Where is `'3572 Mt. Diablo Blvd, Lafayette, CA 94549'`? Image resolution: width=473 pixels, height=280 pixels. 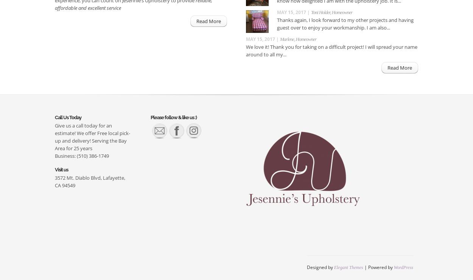 '3572 Mt. Diablo Blvd, Lafayette, CA 94549' is located at coordinates (90, 181).